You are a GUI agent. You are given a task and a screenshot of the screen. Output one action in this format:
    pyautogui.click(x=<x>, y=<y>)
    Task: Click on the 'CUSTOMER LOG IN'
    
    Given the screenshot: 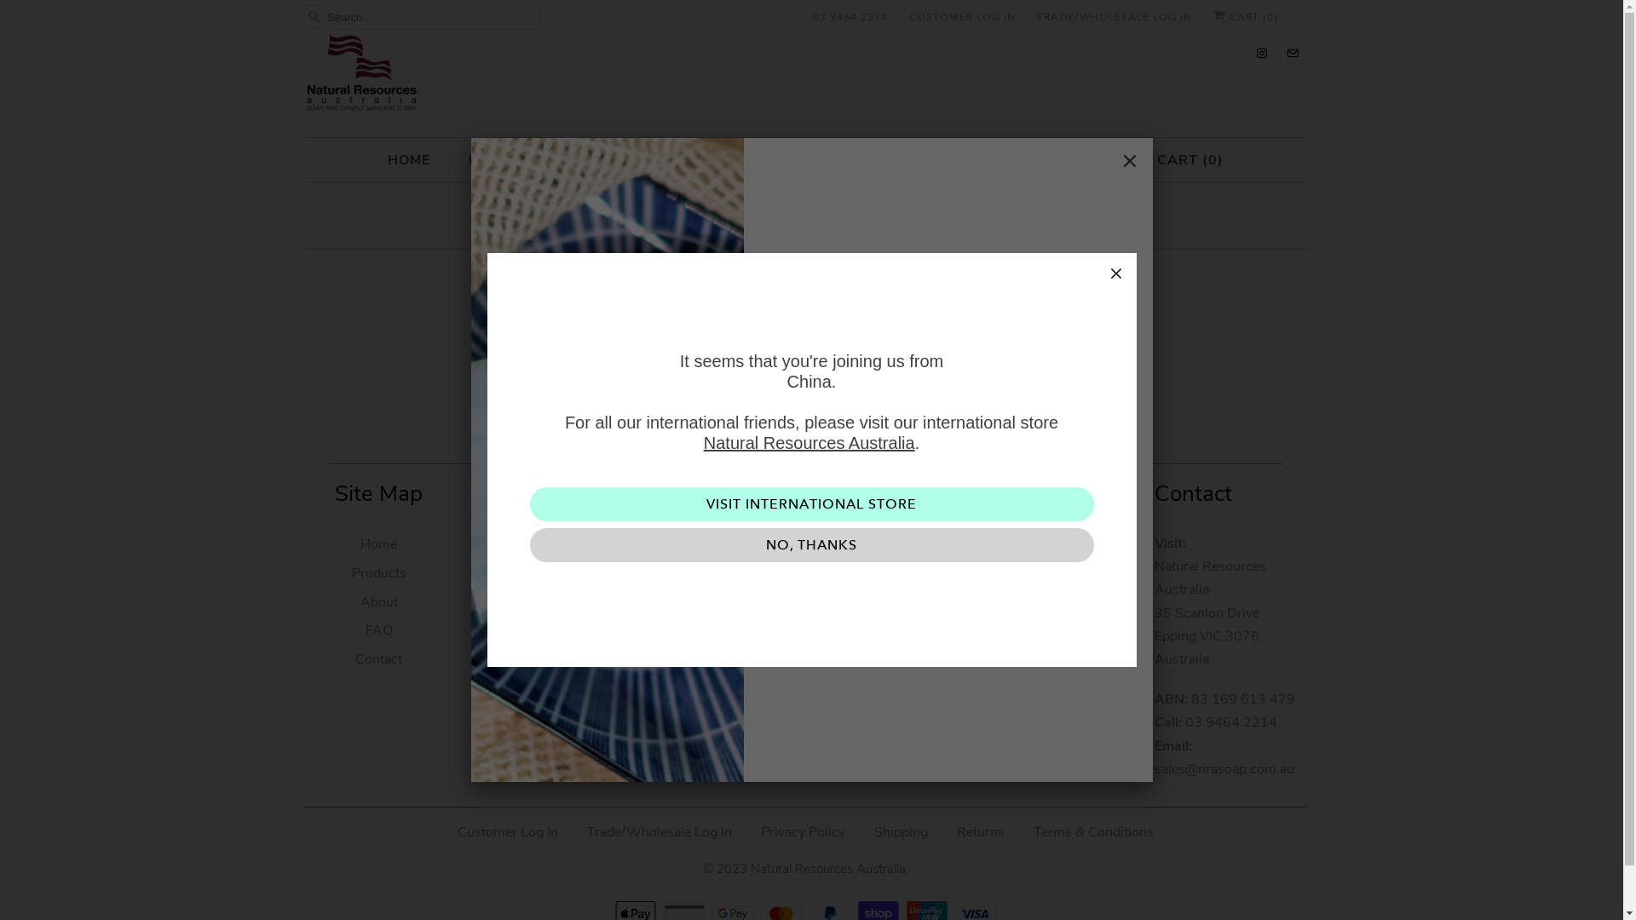 What is the action you would take?
    pyautogui.click(x=962, y=16)
    